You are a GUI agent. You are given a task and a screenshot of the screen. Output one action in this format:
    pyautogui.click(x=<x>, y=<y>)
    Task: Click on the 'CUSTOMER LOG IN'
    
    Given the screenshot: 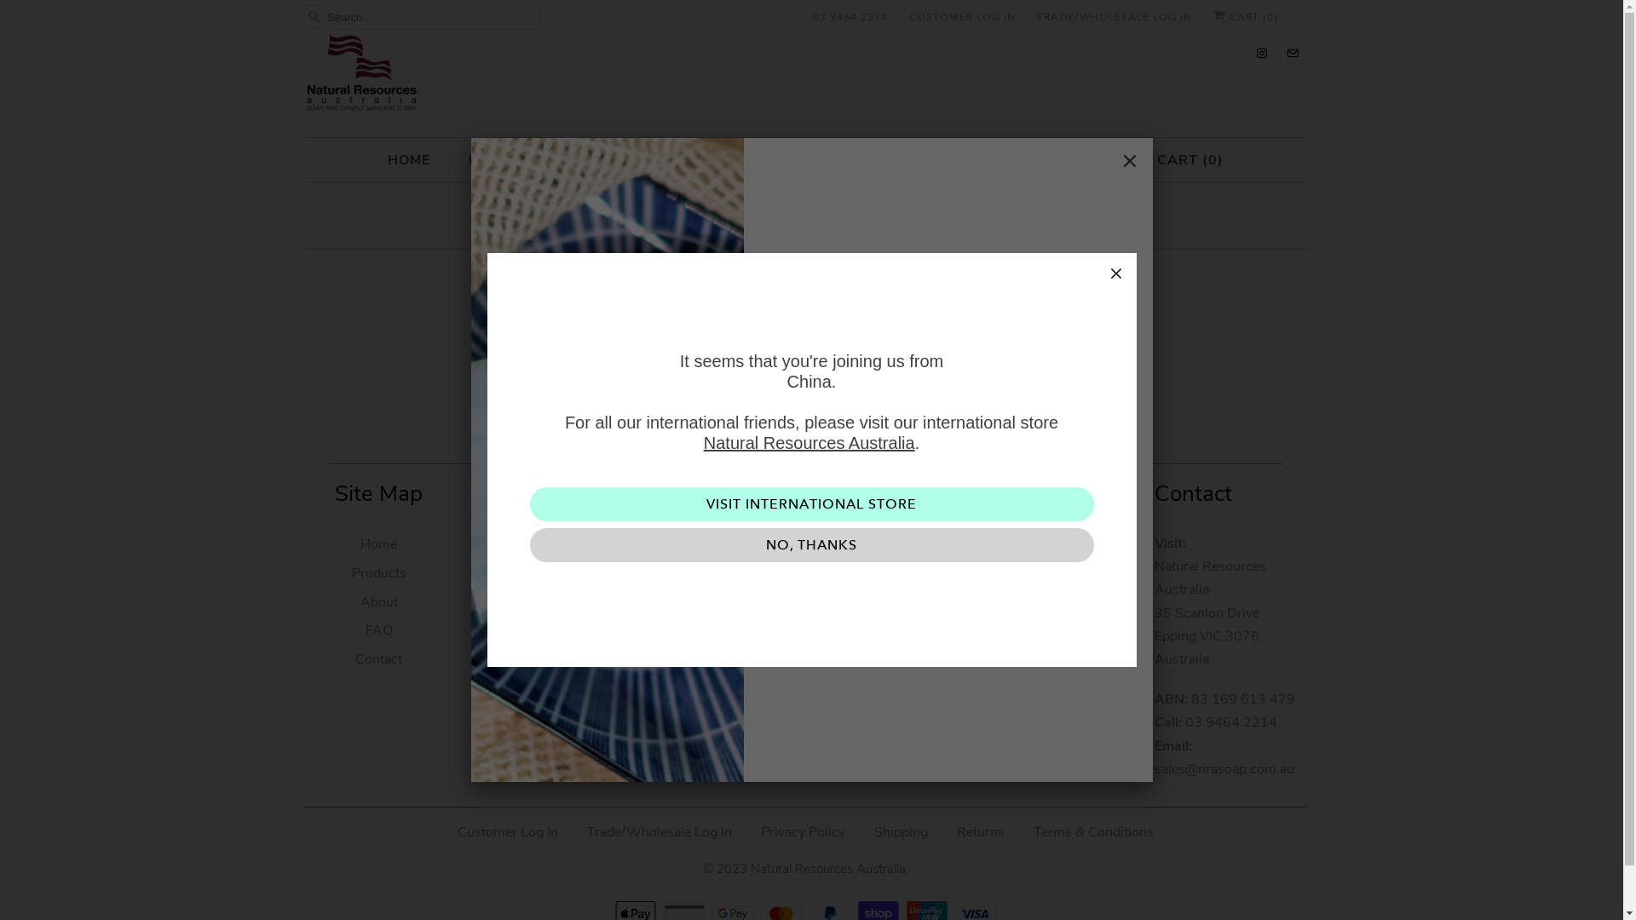 What is the action you would take?
    pyautogui.click(x=962, y=16)
    